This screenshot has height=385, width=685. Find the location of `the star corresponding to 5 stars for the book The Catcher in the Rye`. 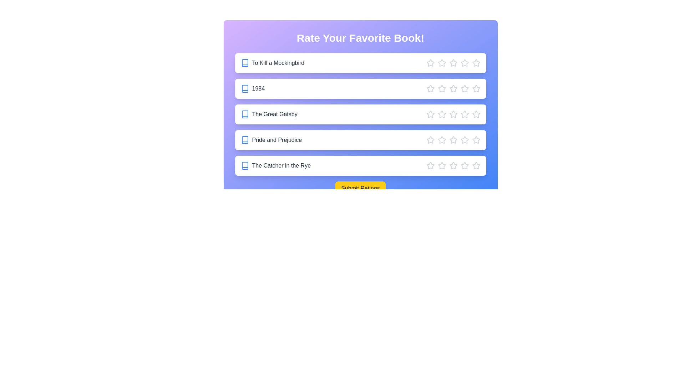

the star corresponding to 5 stars for the book The Catcher in the Rye is located at coordinates (476, 166).